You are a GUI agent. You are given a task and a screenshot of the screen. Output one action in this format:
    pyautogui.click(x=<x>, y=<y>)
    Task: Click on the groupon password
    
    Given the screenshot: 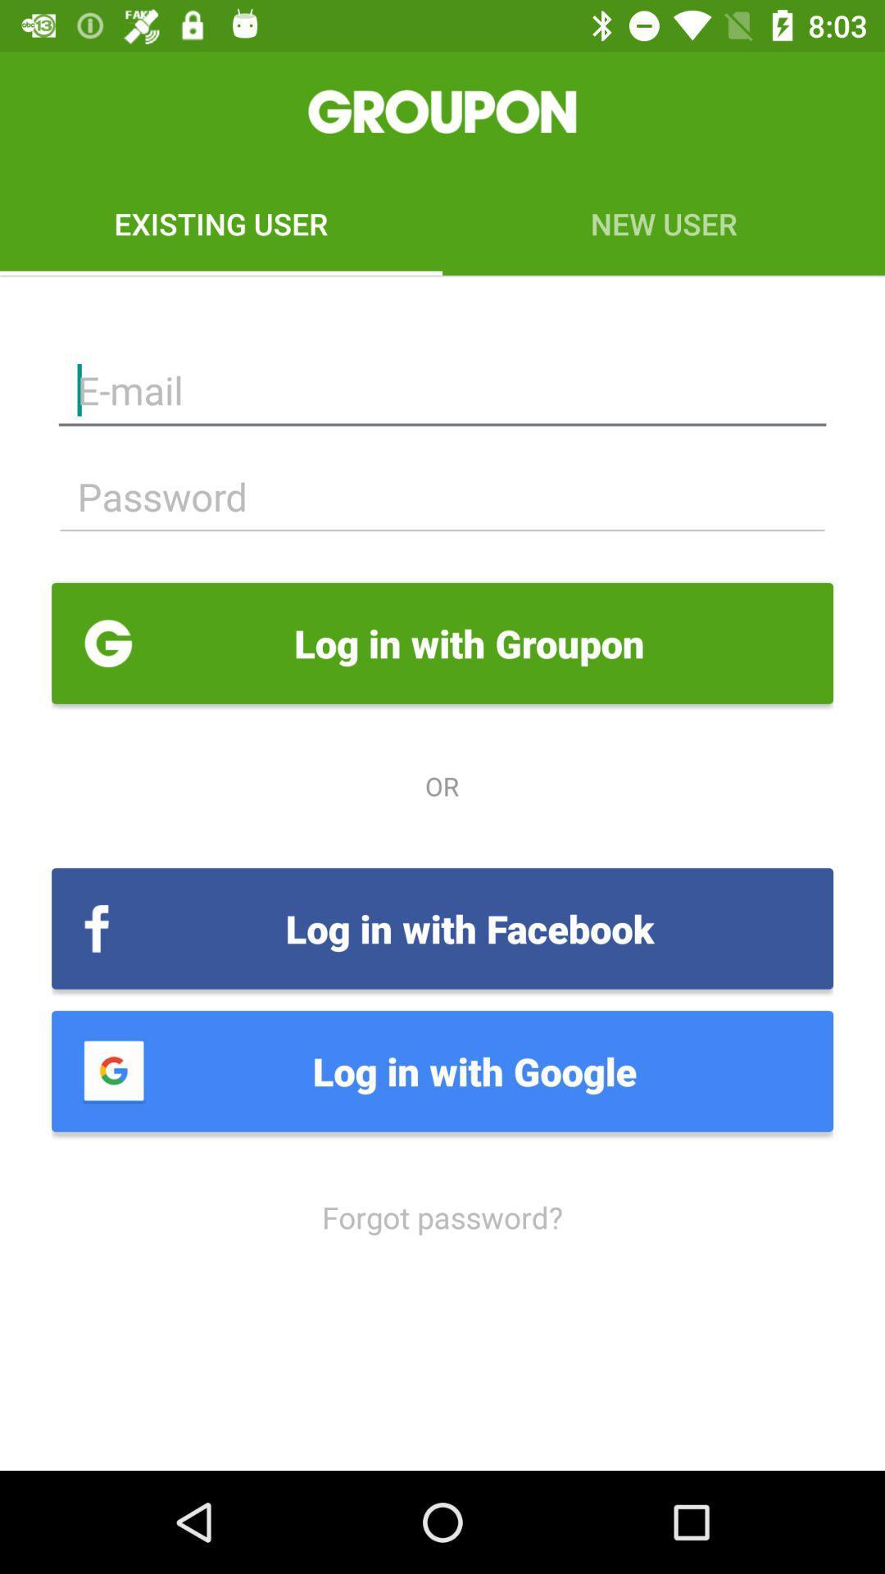 What is the action you would take?
    pyautogui.click(x=442, y=496)
    